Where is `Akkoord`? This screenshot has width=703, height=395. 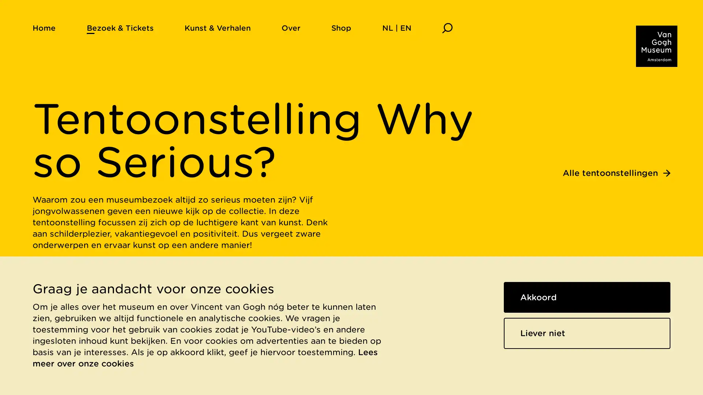 Akkoord is located at coordinates (587, 297).